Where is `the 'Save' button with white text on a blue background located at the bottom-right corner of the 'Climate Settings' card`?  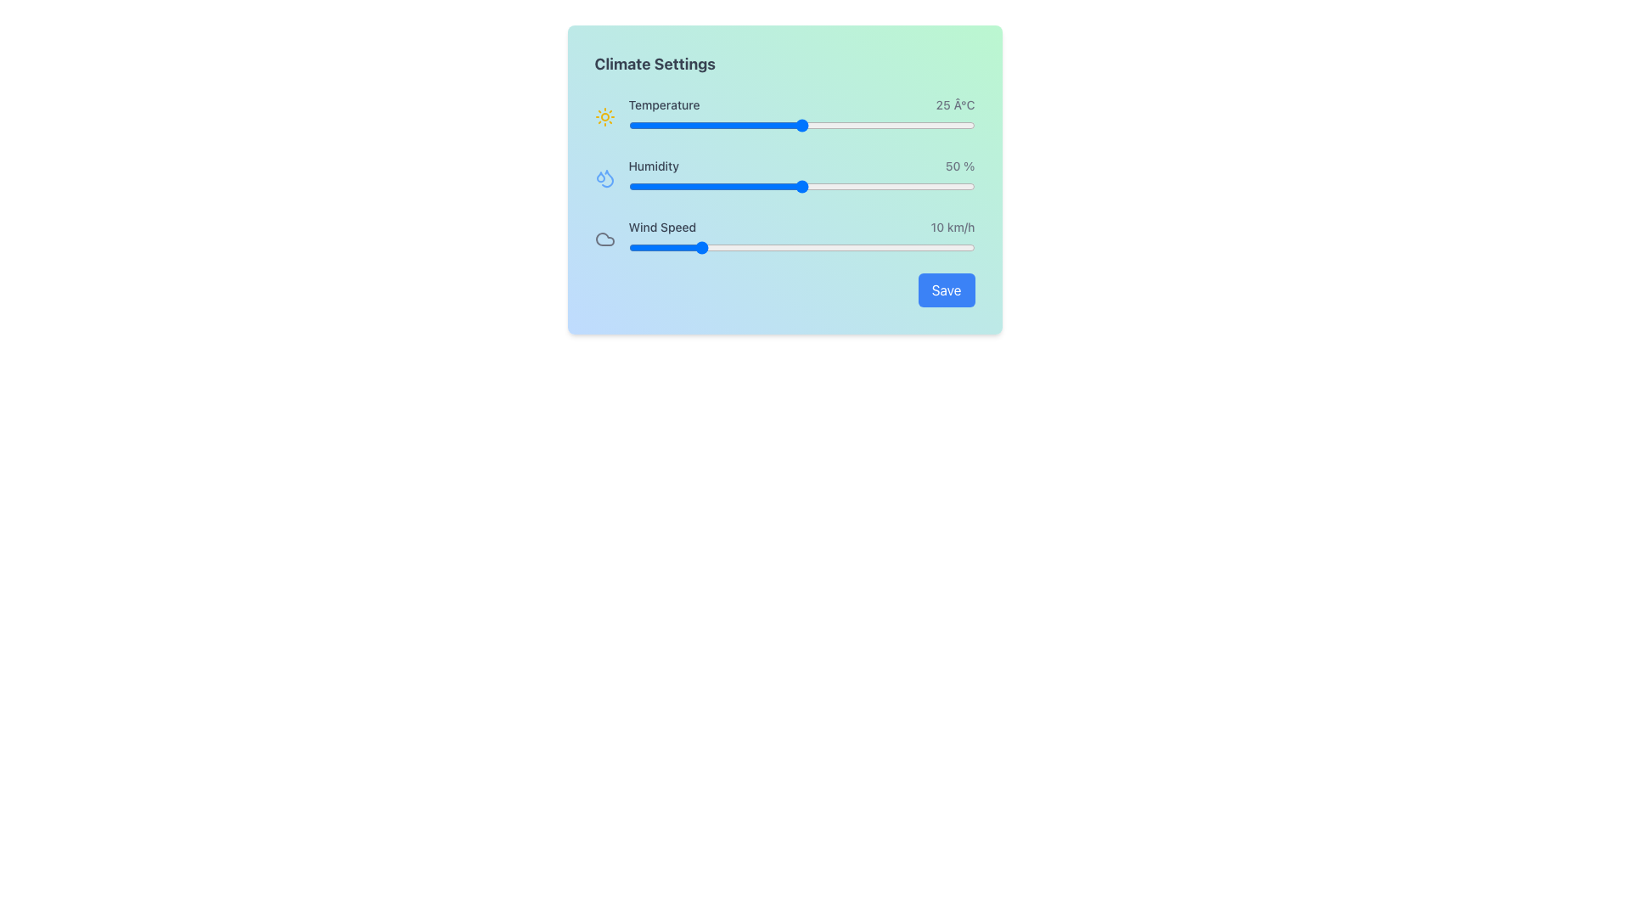 the 'Save' button with white text on a blue background located at the bottom-right corner of the 'Climate Settings' card is located at coordinates (945, 290).